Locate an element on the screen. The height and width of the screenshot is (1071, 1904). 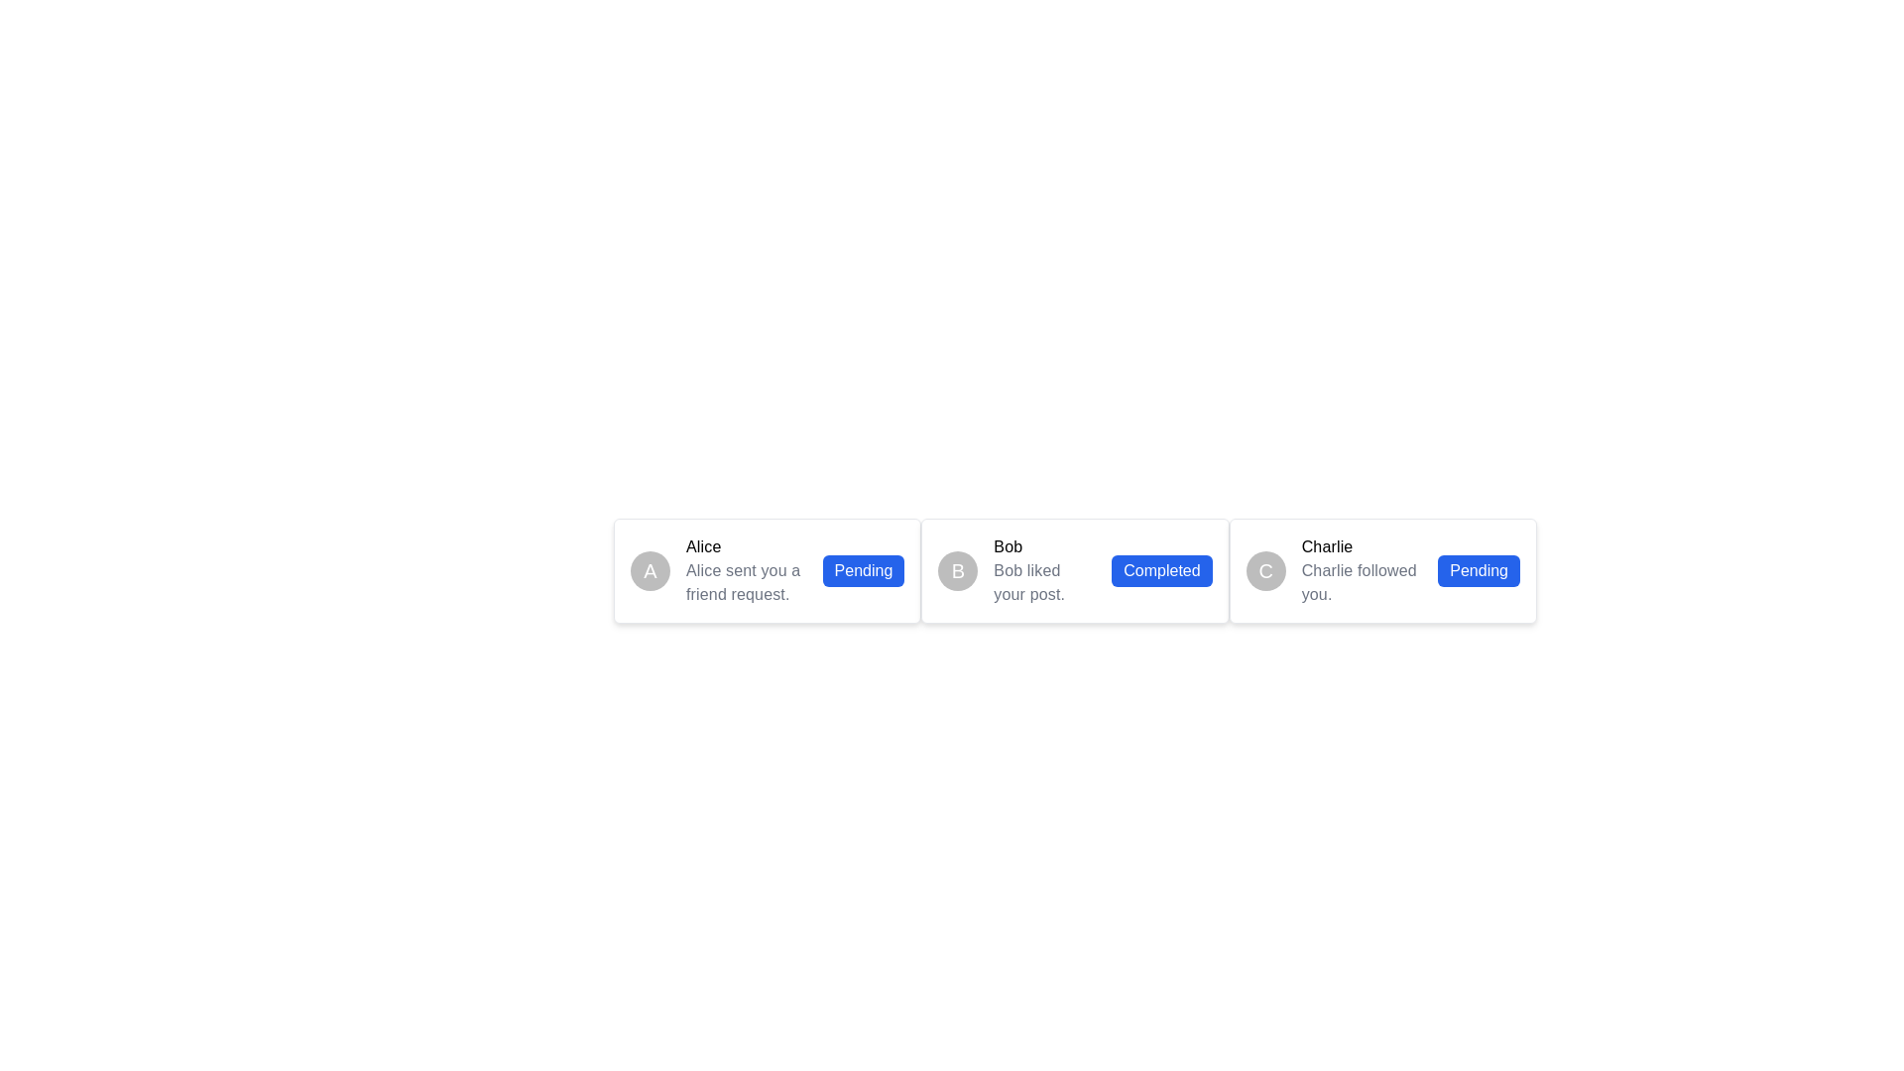
the avatar representing 'Charlie', which is located at the leftmost end of the rectangular component displaying the text 'Charlie Charlie followed you. Pending.' is located at coordinates (1264, 570).